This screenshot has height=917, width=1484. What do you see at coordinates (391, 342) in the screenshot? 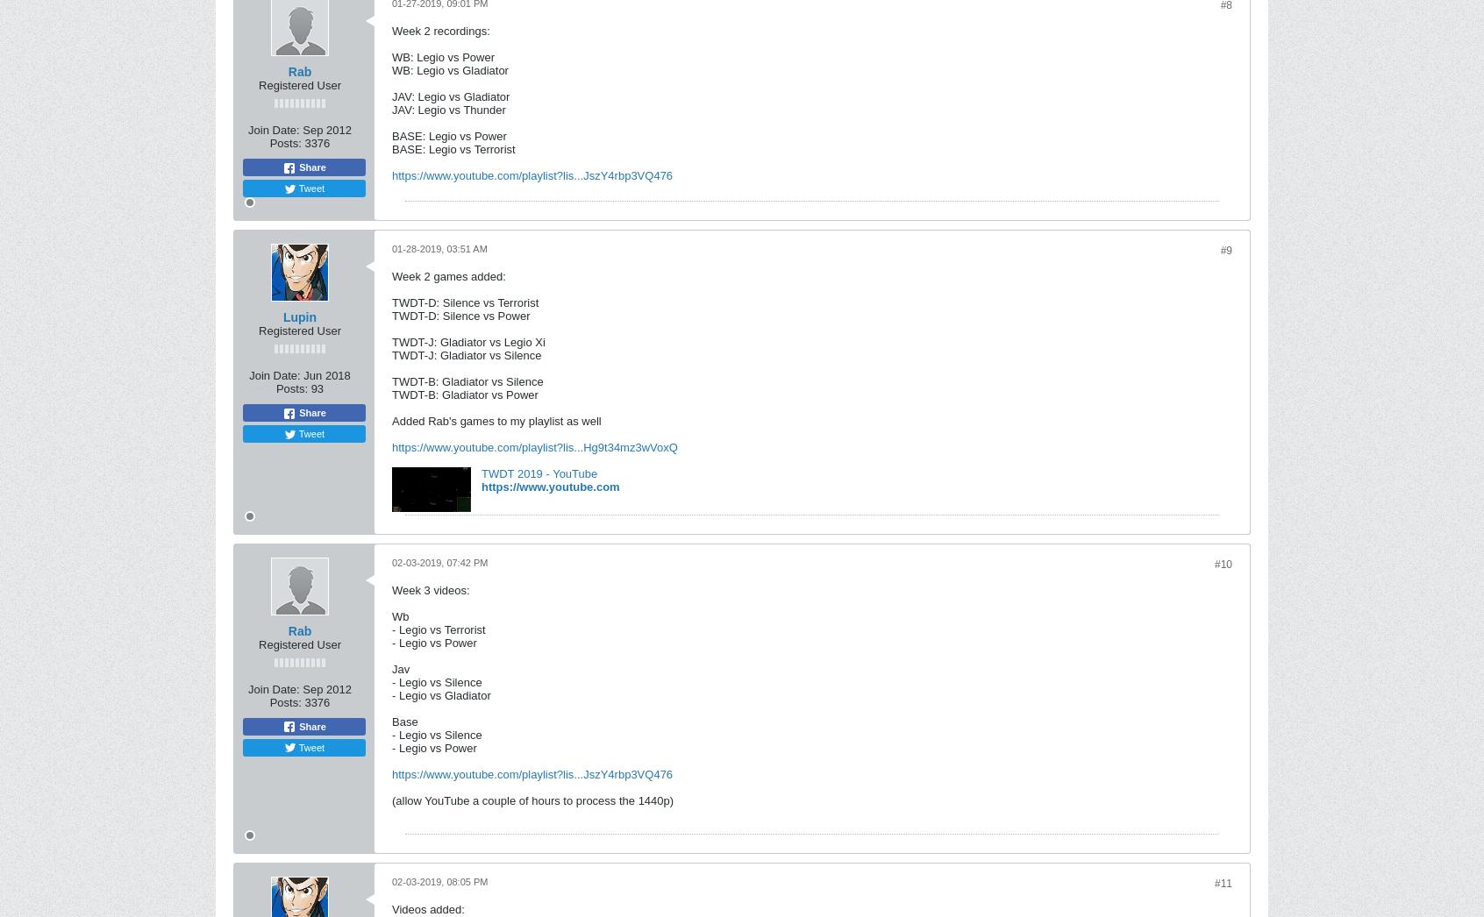
I see `'TWDT-J: Gladiator vs Legio Xi'` at bounding box center [391, 342].